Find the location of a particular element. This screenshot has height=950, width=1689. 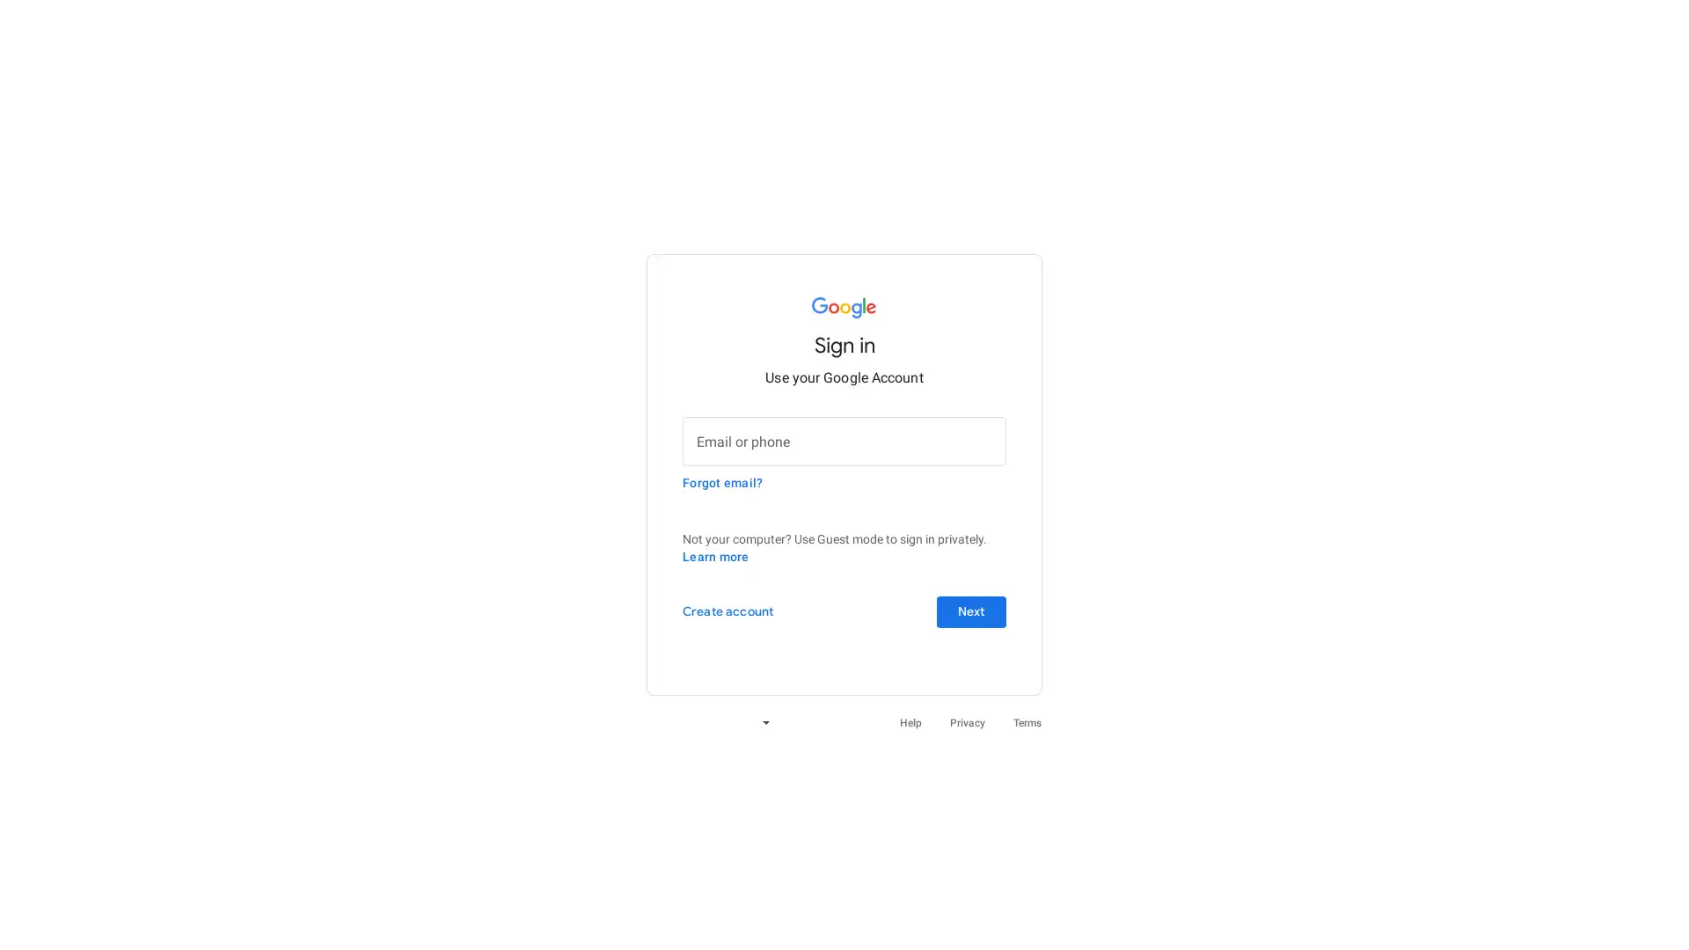

Forgot email? is located at coordinates (722, 481).